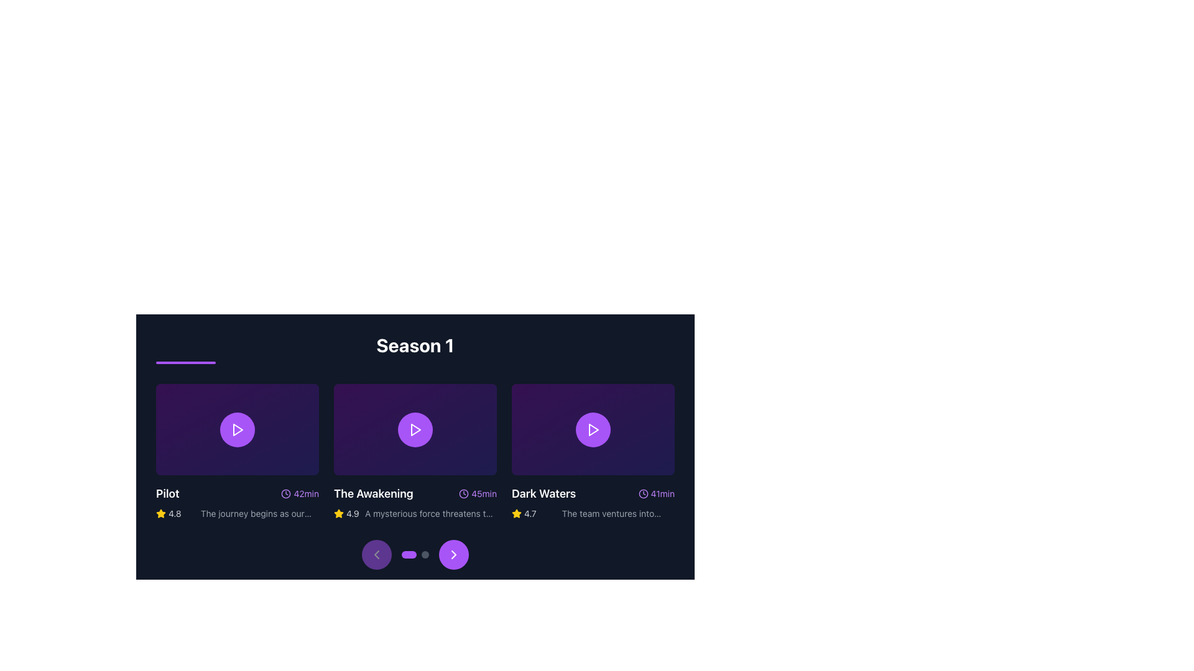 The image size is (1194, 671). What do you see at coordinates (463, 493) in the screenshot?
I see `the time duration icon located to the immediate left of the '45min' text label in the 'Season 1' section` at bounding box center [463, 493].